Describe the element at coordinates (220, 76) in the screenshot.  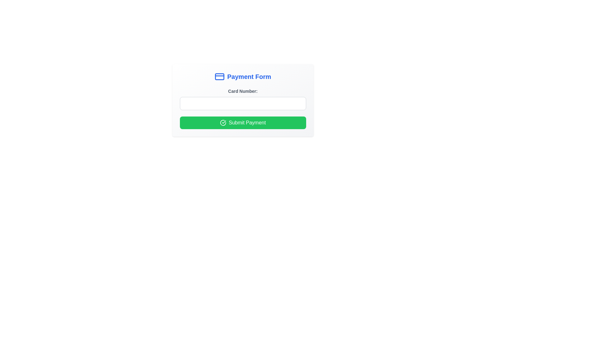
I see `the SVG credit card icon with a blue outline, located to the left of the 'Payment Form' heading in the header section` at that location.